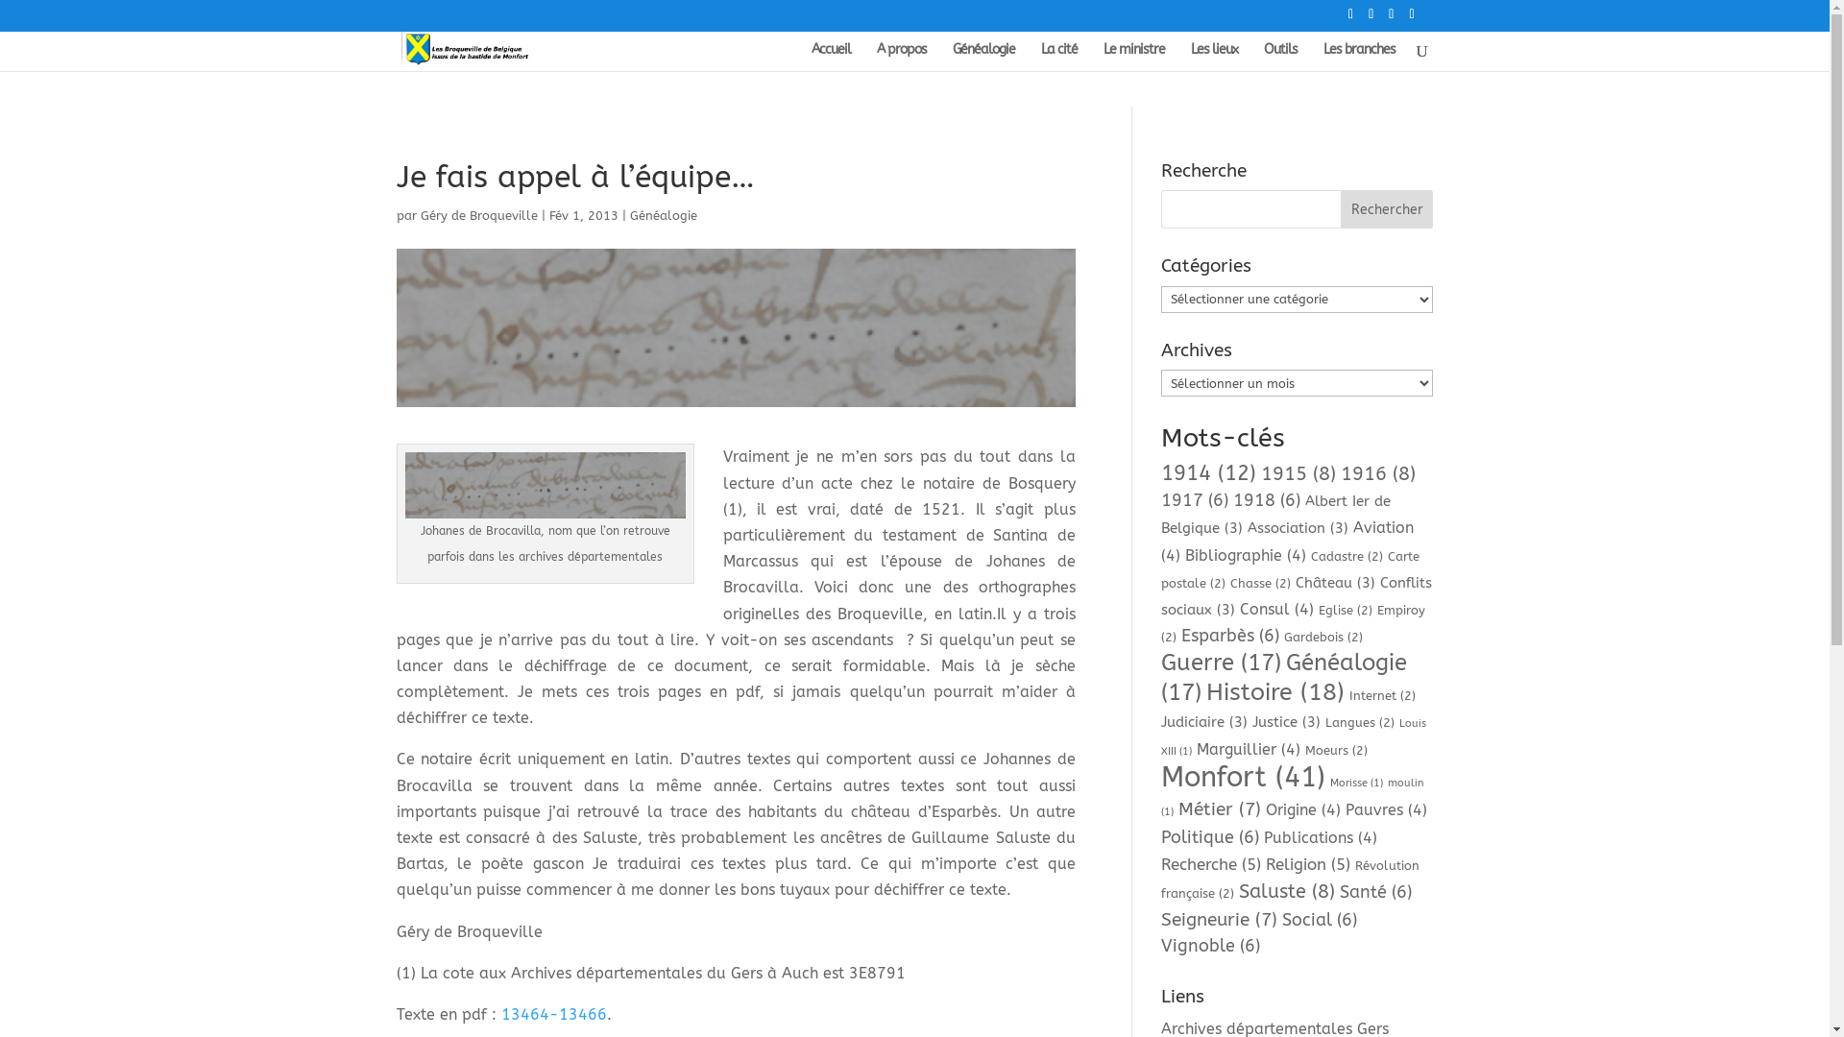 The width and height of the screenshot is (1844, 1037). I want to click on 'Eglise (2)', so click(1345, 610).